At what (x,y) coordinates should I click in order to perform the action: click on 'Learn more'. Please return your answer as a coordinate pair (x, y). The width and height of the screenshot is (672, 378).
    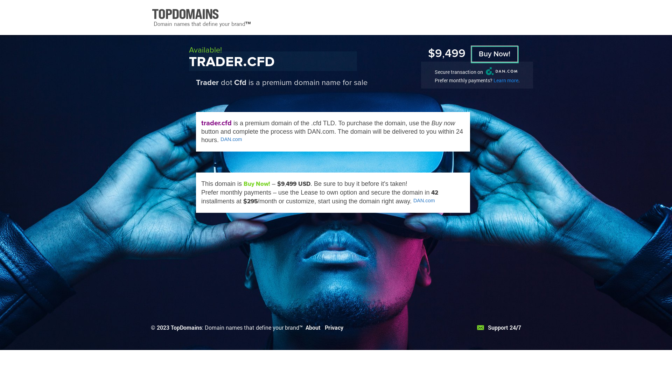
    Looking at the image, I should click on (493, 80).